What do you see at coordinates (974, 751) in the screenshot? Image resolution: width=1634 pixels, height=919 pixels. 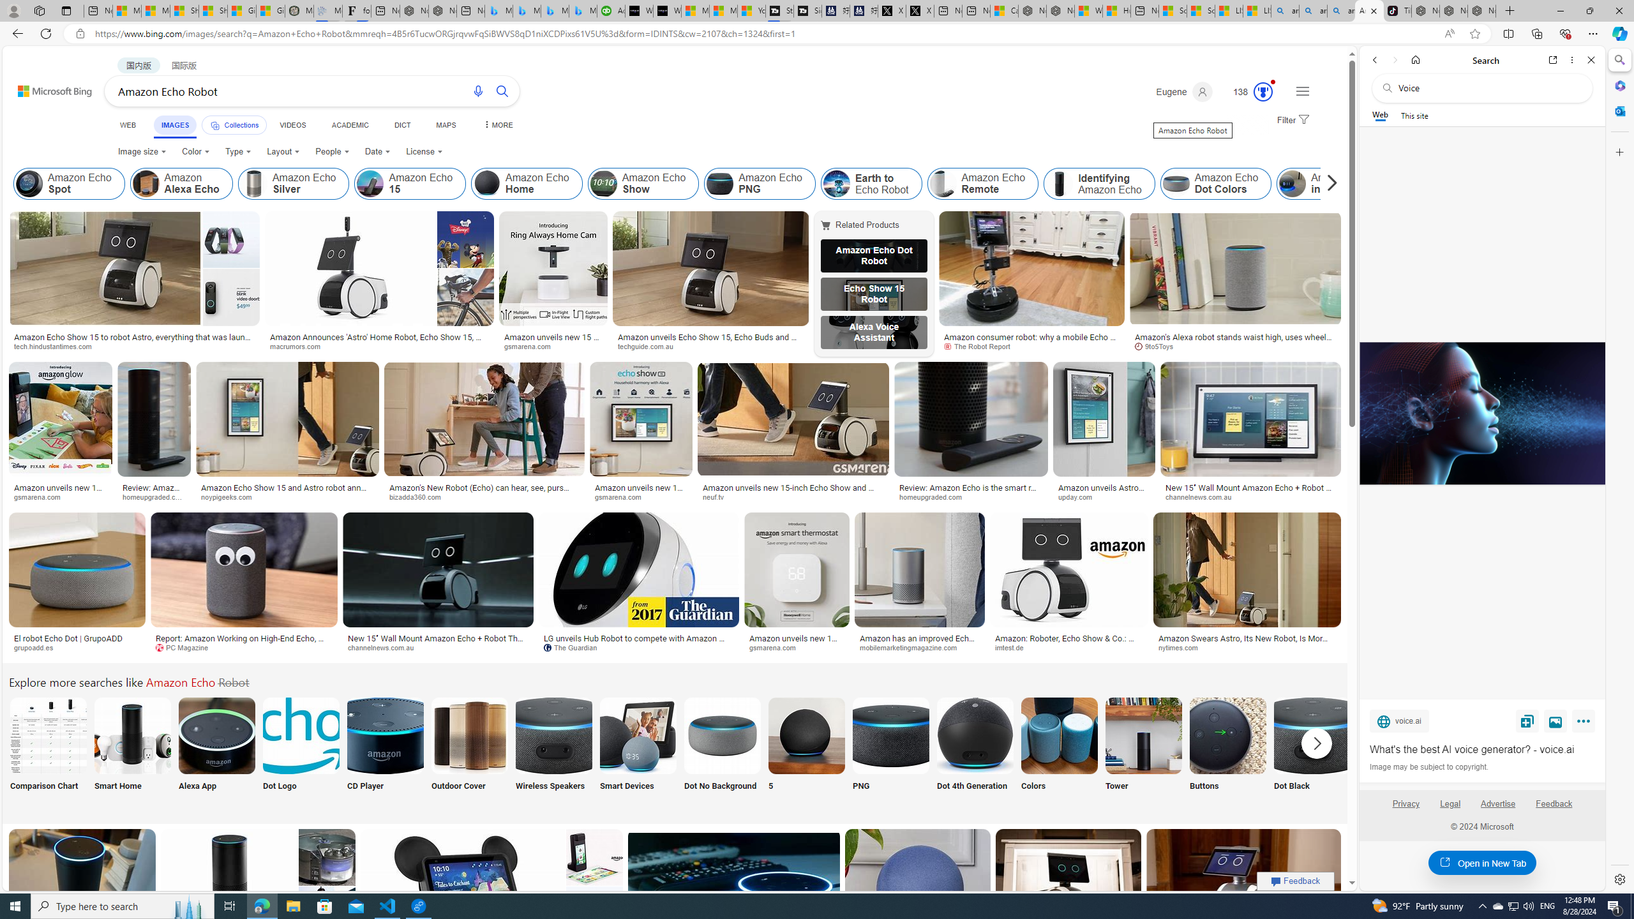 I see `'Dot 4th Generation'` at bounding box center [974, 751].